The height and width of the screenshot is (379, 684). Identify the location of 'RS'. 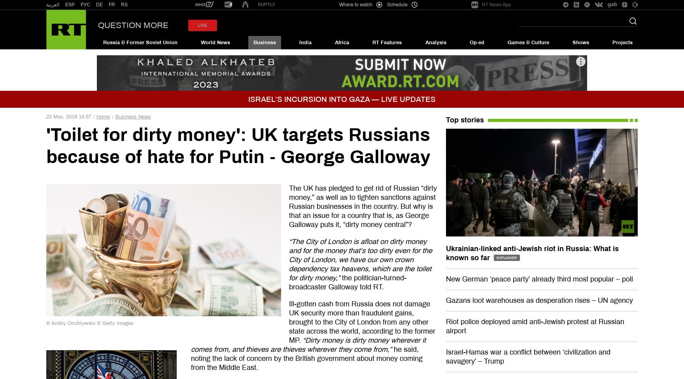
(124, 4).